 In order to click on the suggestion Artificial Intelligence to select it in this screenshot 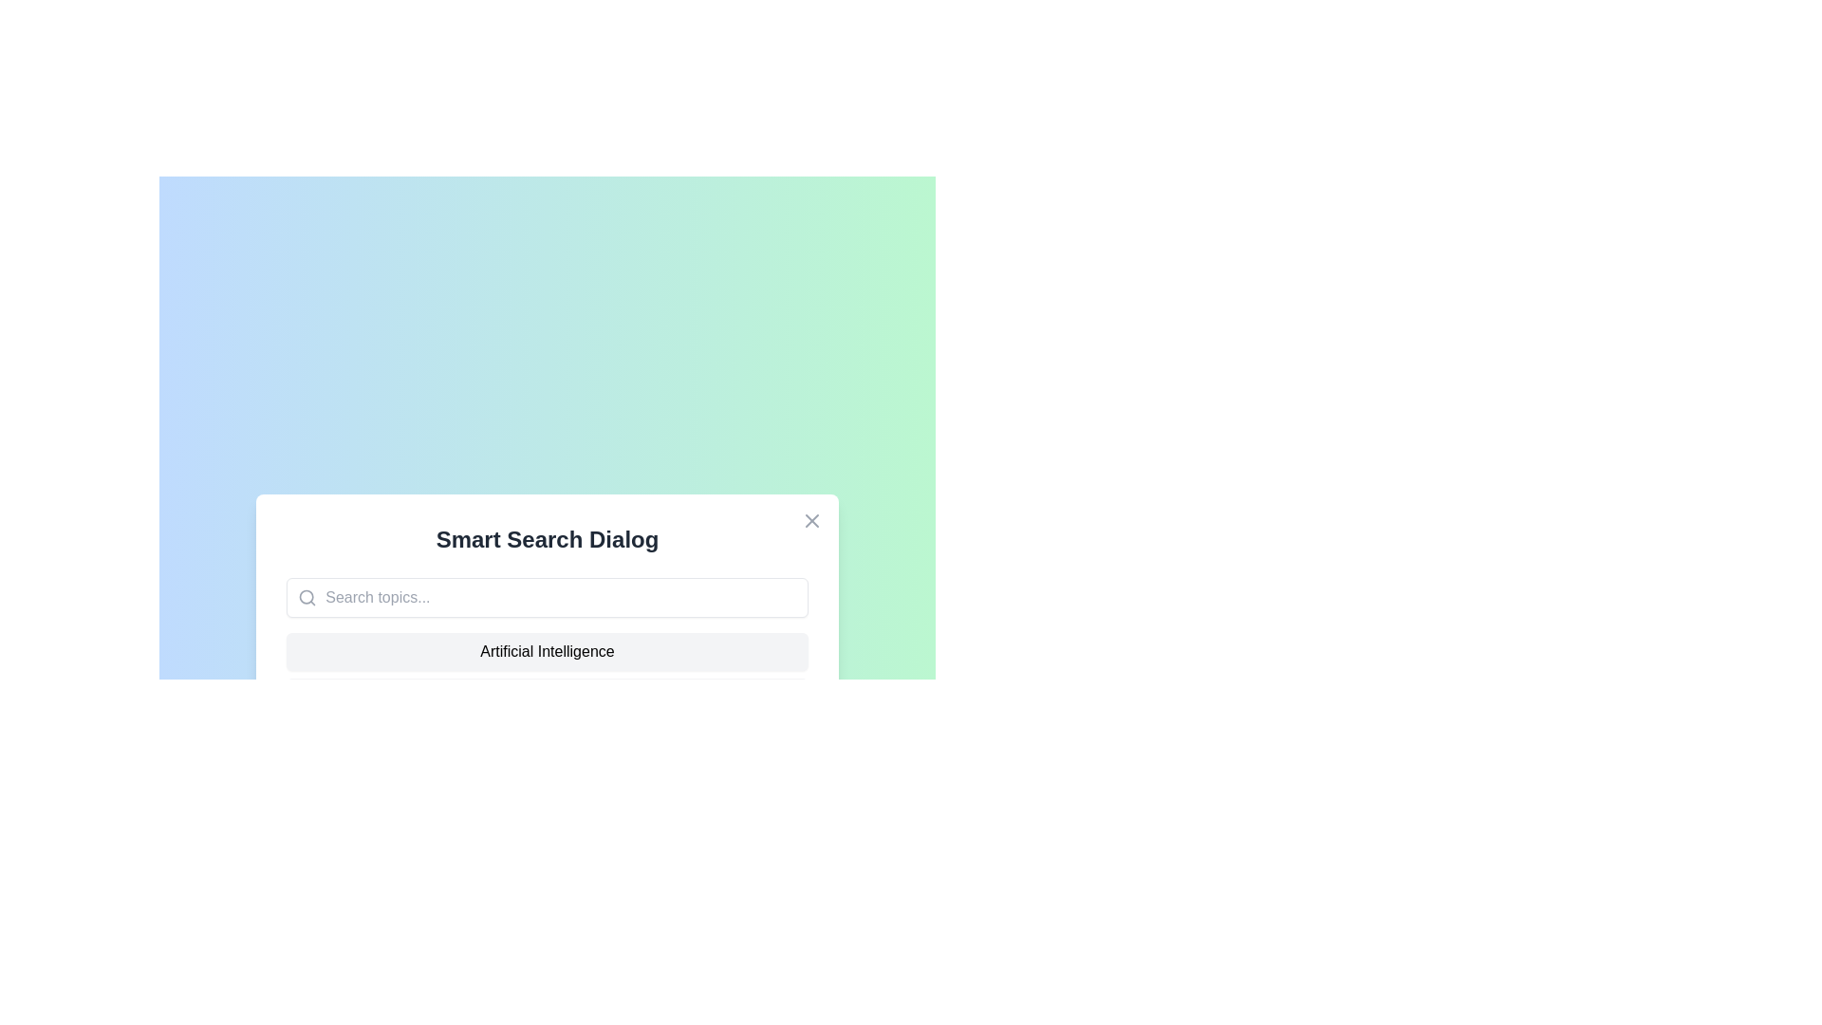, I will do `click(546, 650)`.